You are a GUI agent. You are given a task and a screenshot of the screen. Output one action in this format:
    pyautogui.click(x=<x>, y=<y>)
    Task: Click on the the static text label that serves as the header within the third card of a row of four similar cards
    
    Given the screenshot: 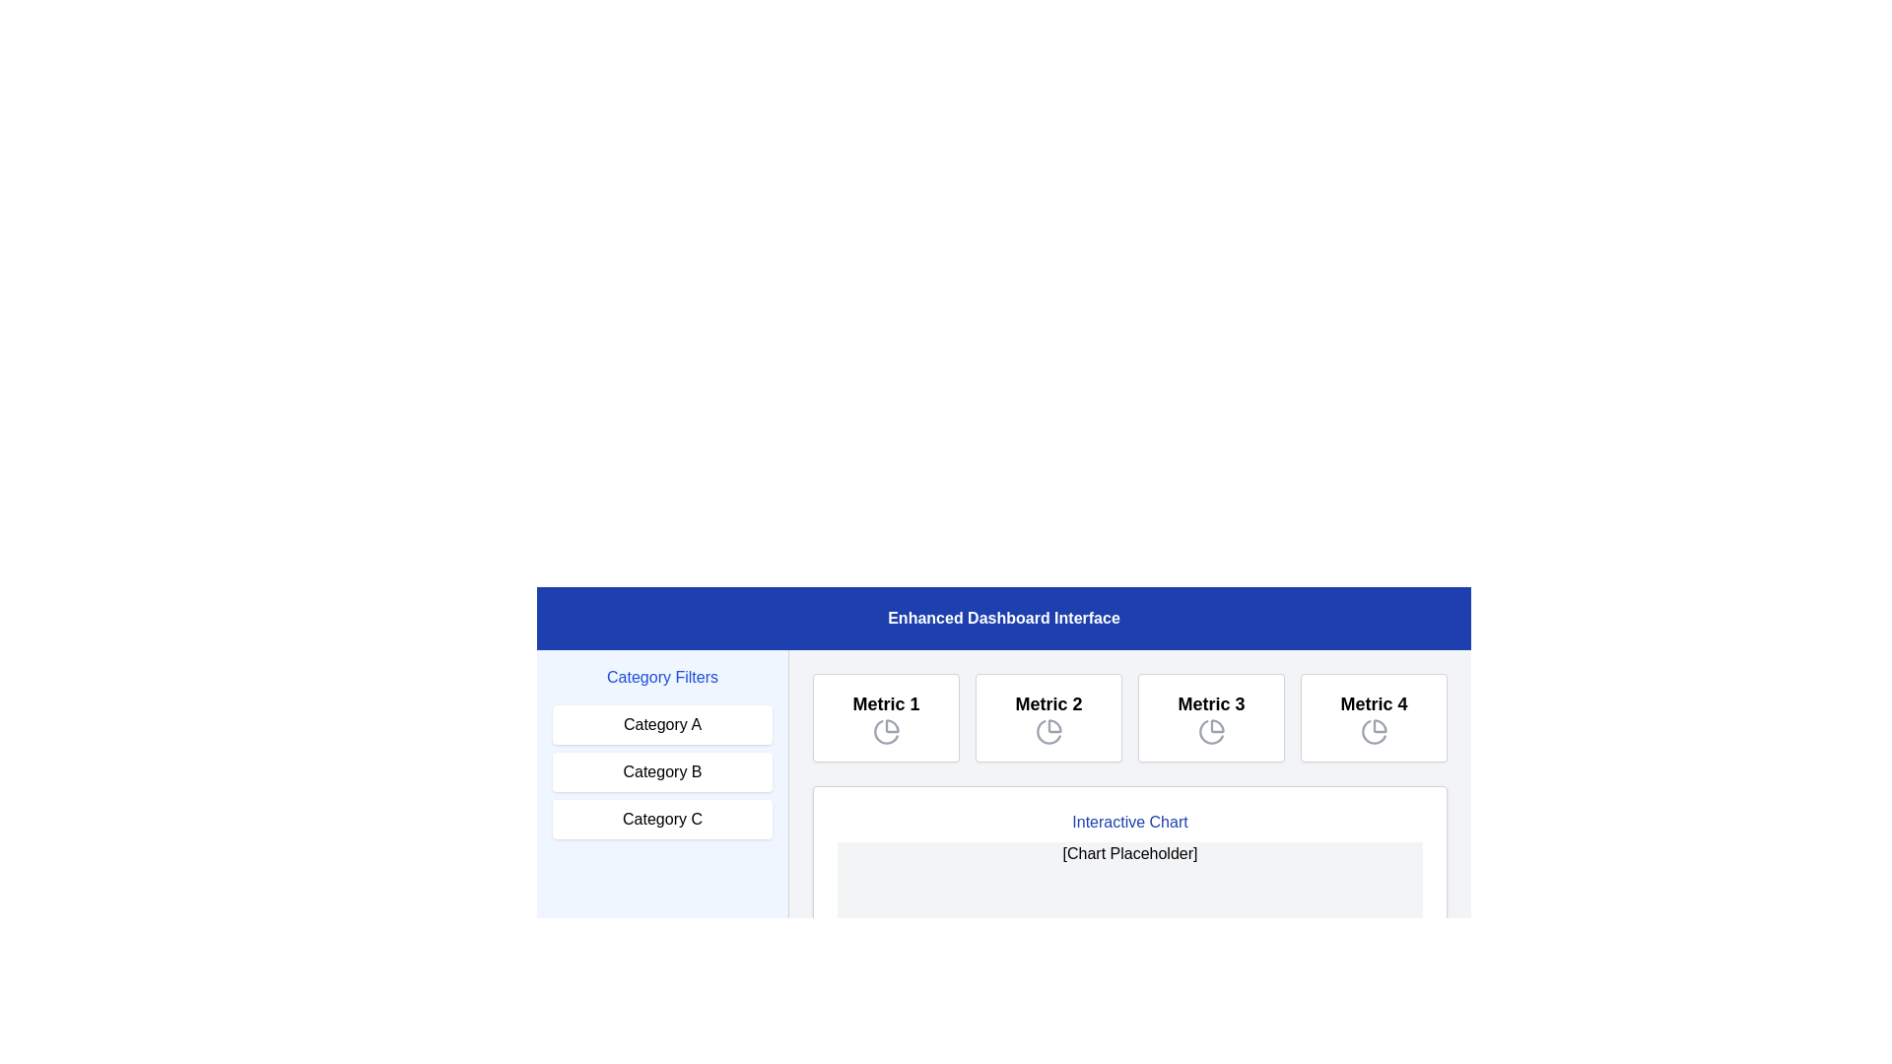 What is the action you would take?
    pyautogui.click(x=1210, y=702)
    